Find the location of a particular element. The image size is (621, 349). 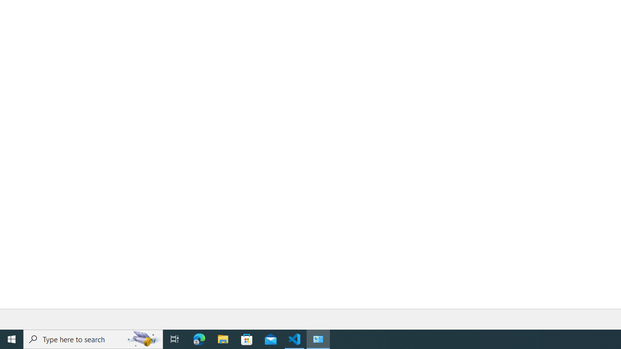

'Type here to search' is located at coordinates (93, 338).